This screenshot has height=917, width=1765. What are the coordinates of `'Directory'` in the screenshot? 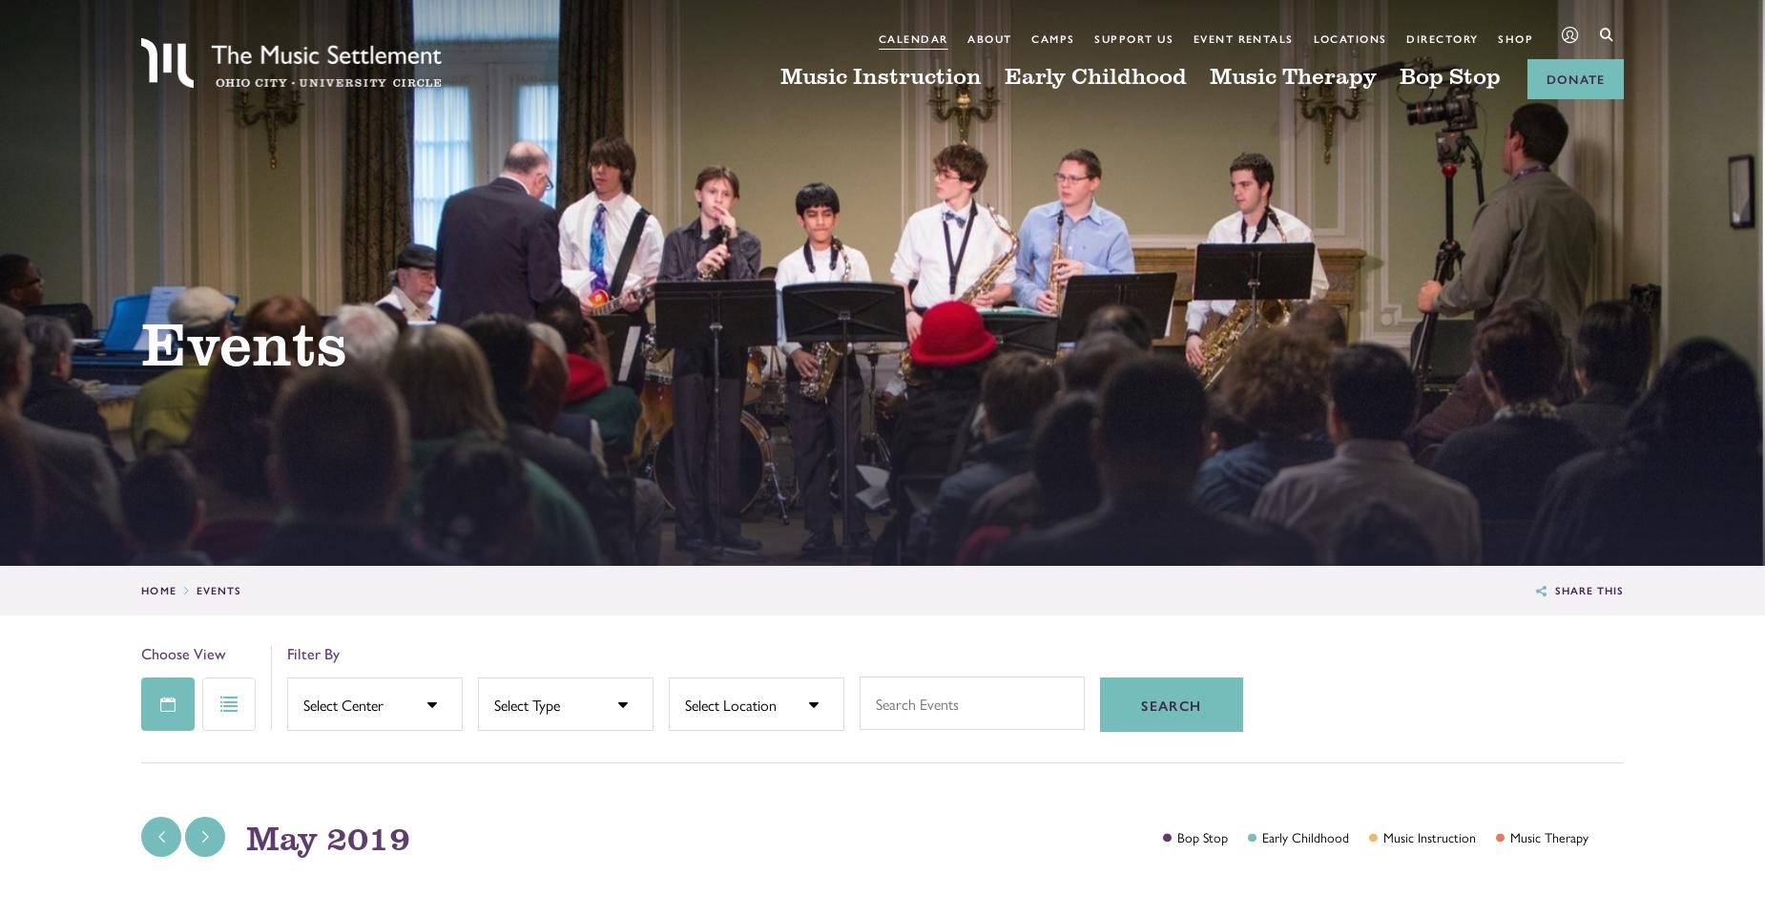 It's located at (1442, 36).